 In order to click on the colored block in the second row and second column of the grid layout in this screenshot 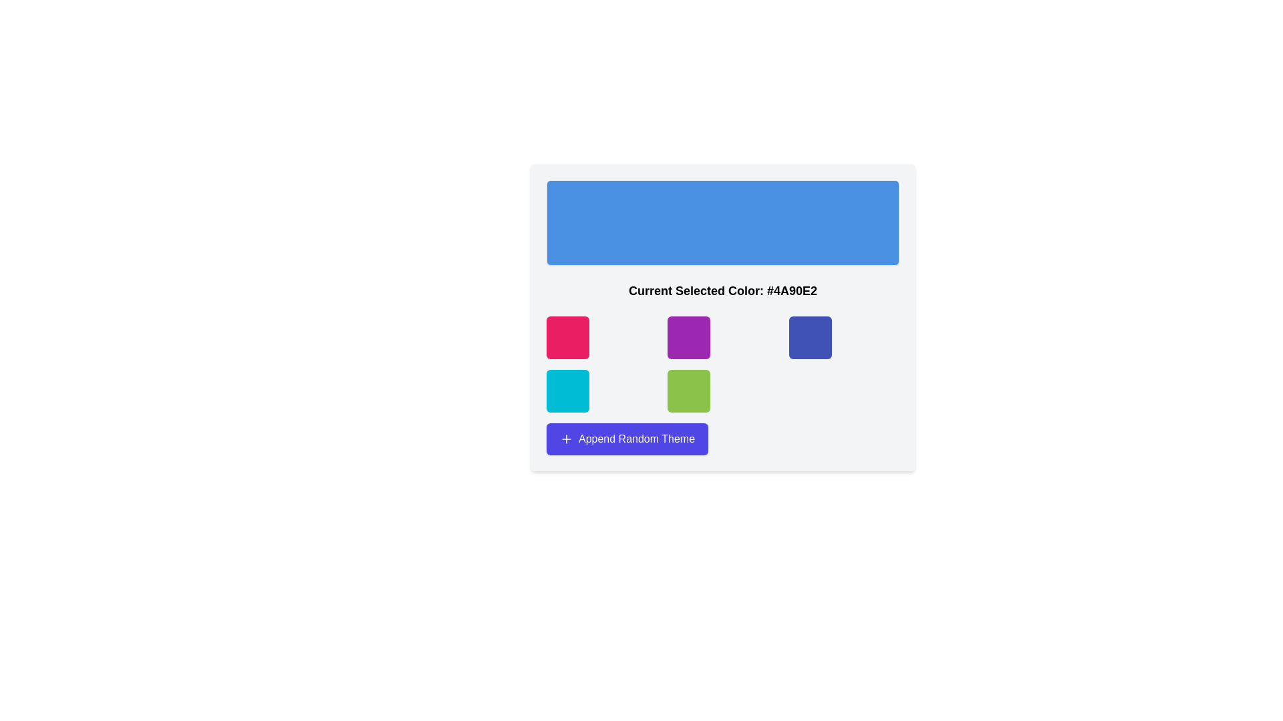, I will do `click(689, 391)`.